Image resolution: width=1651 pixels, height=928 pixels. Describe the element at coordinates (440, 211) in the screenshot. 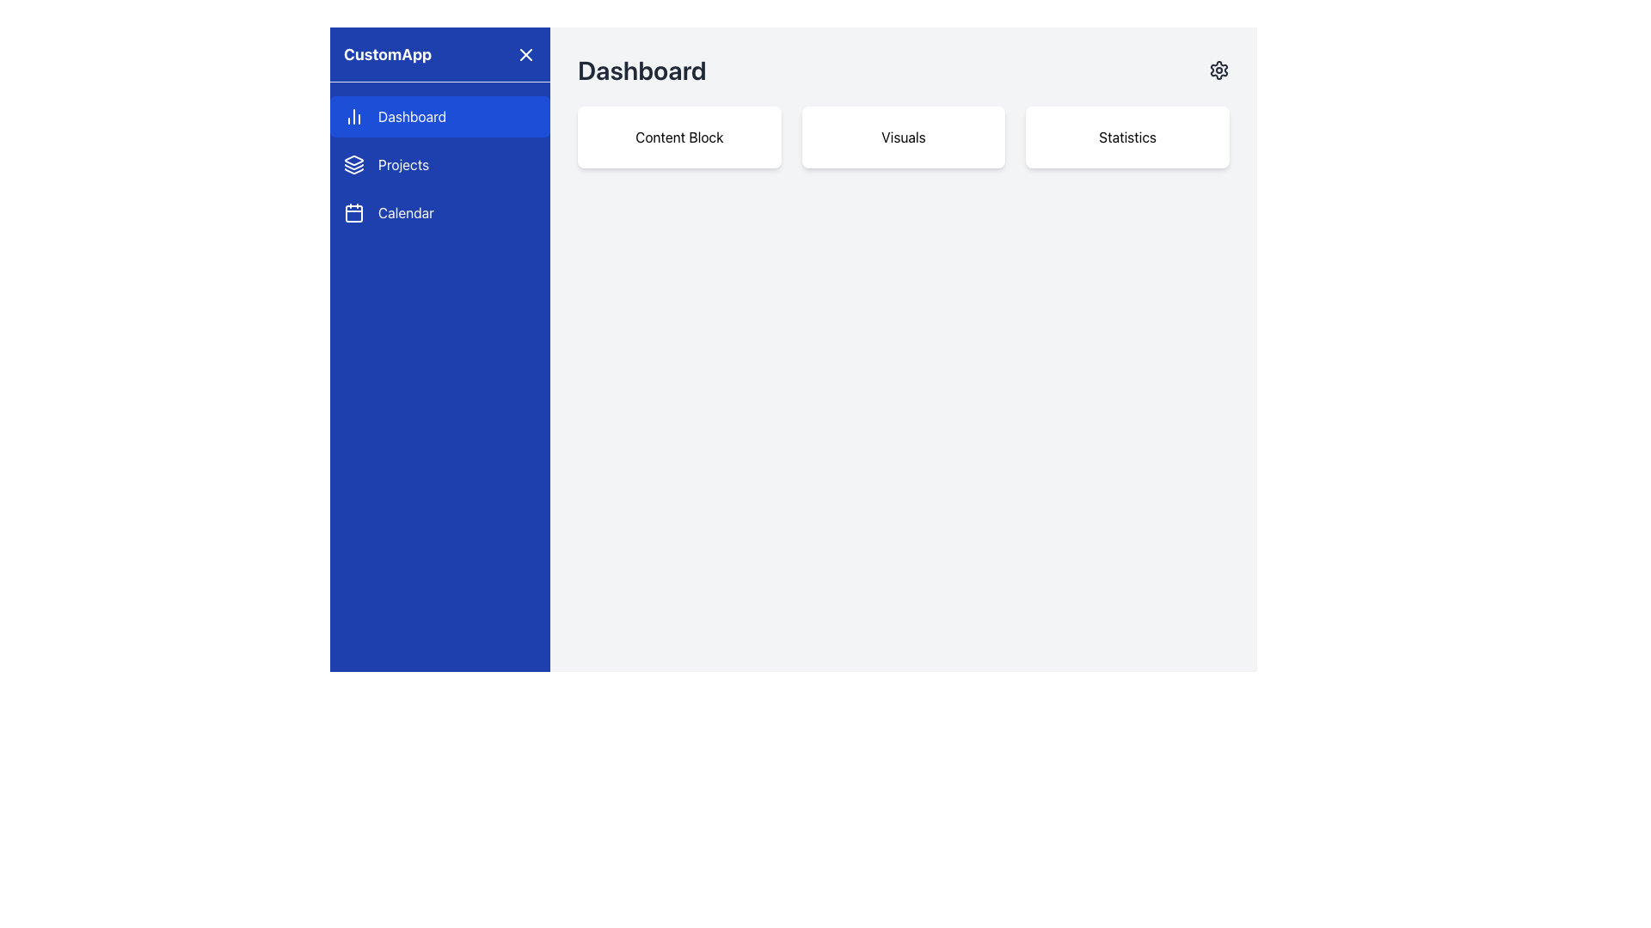

I see `the Navigation Button located in the sidebar` at that location.